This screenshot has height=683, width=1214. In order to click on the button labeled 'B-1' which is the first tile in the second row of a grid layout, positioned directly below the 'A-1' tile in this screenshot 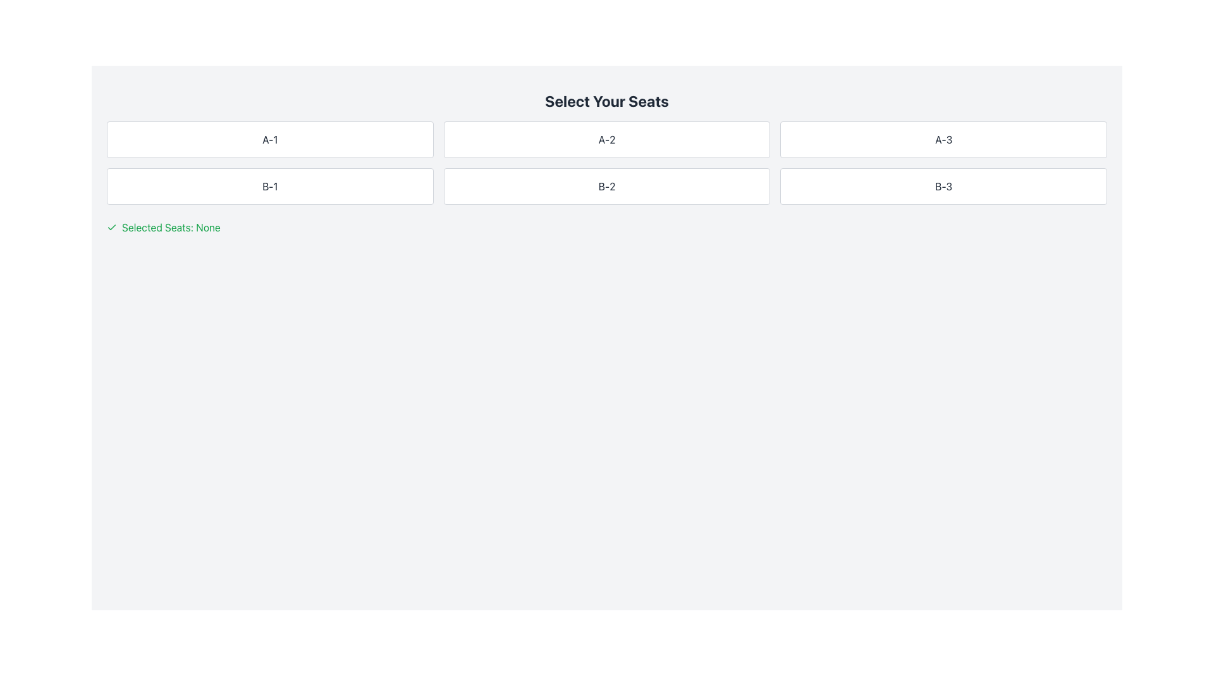, I will do `click(269, 186)`.